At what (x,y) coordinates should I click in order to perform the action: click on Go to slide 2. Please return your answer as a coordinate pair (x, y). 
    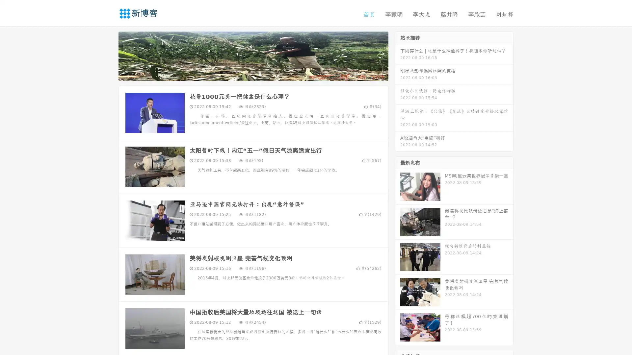
    Looking at the image, I should click on (253, 74).